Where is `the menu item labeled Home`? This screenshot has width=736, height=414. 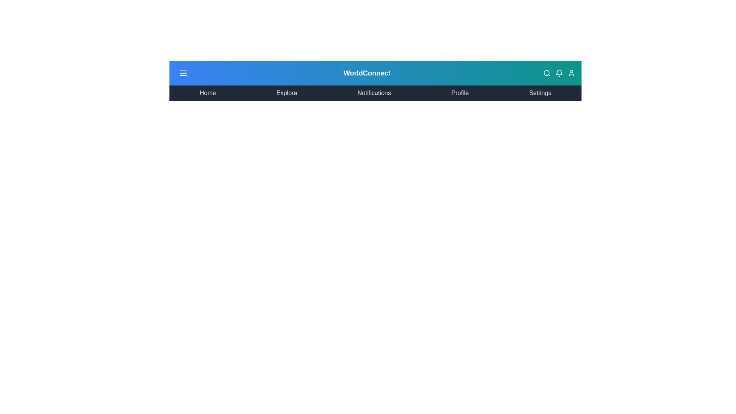 the menu item labeled Home is located at coordinates (208, 93).